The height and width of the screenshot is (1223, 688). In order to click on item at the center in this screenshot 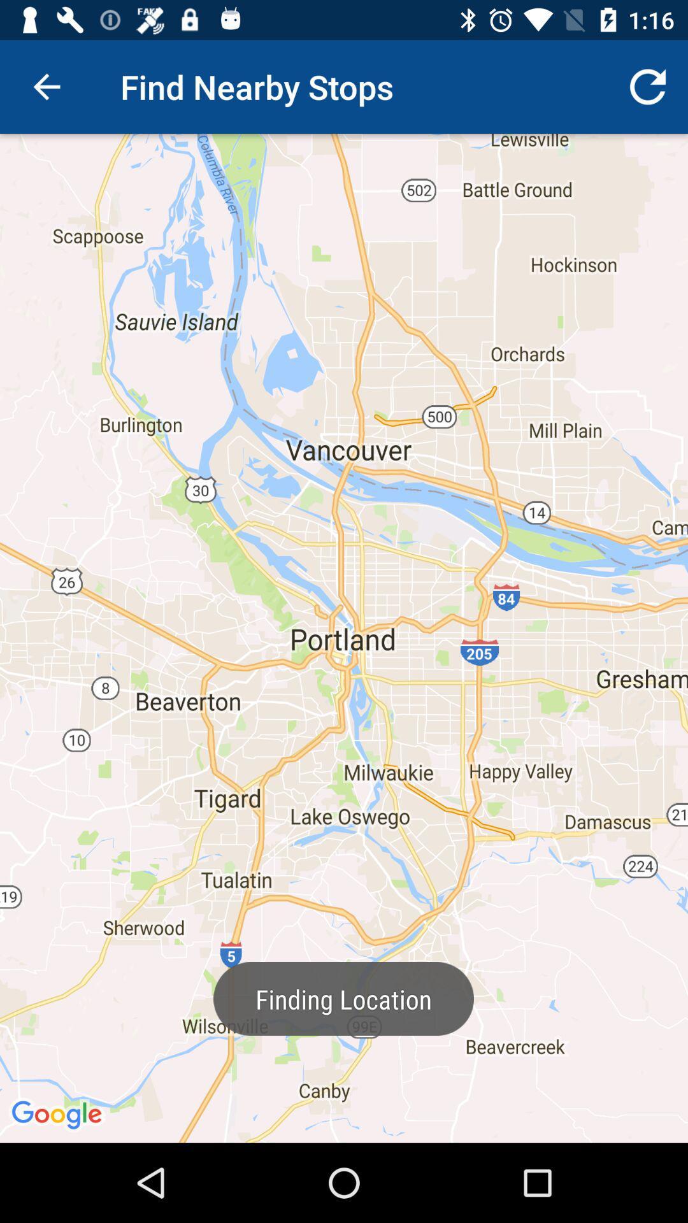, I will do `click(344, 638)`.